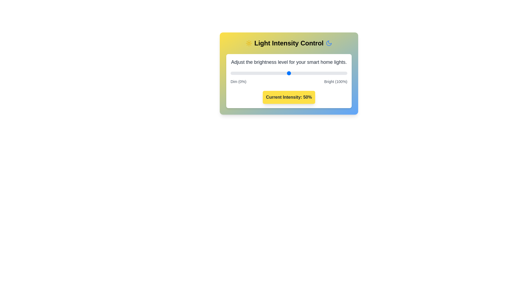  I want to click on the light intensity to 71% by dragging the slider, so click(313, 73).